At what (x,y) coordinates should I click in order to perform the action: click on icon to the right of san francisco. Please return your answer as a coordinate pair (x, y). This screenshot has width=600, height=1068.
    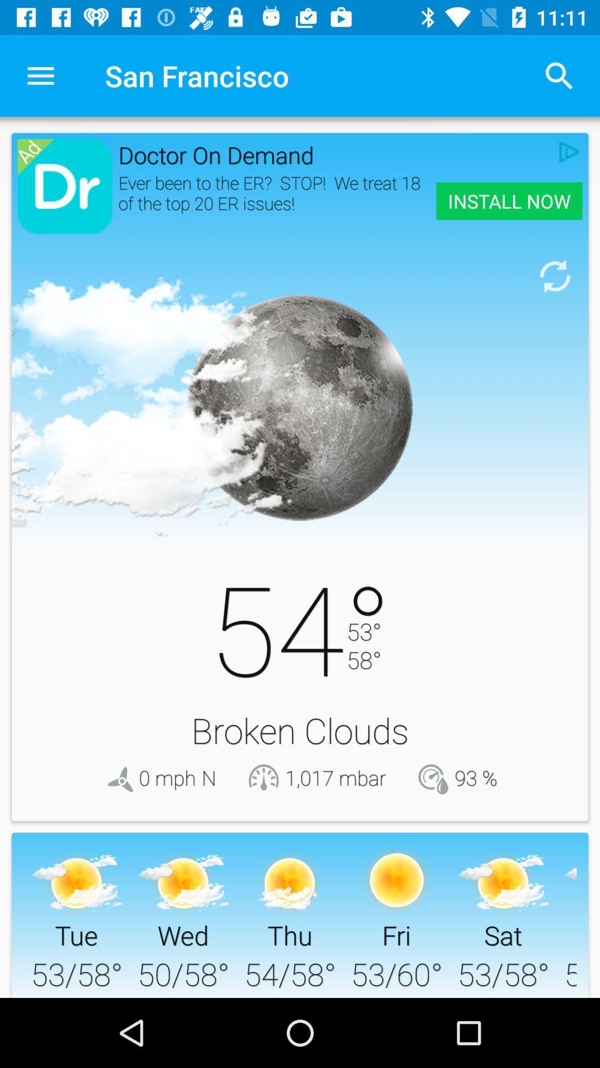
    Looking at the image, I should click on (559, 75).